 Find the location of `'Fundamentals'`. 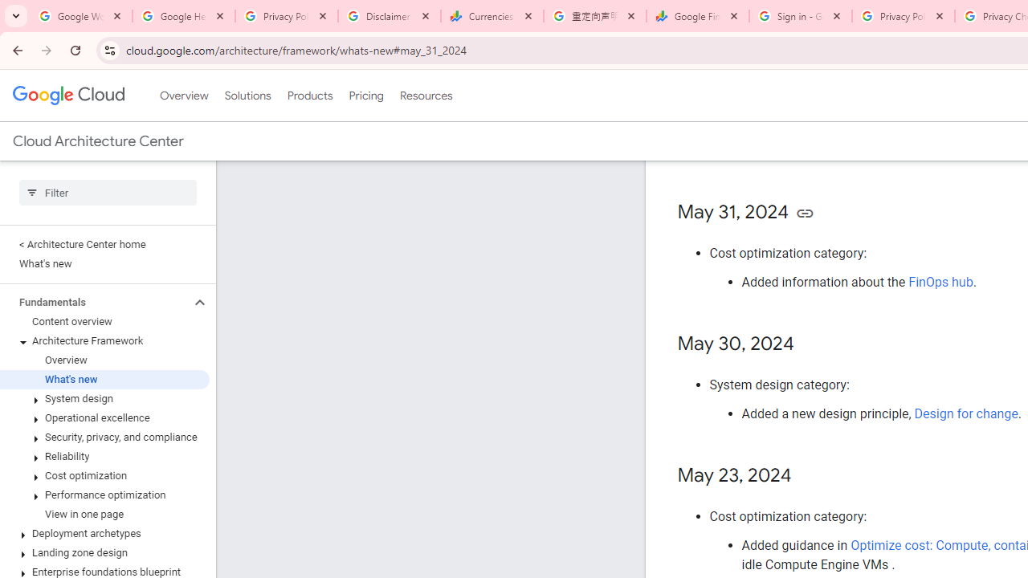

'Fundamentals' is located at coordinates (94, 302).